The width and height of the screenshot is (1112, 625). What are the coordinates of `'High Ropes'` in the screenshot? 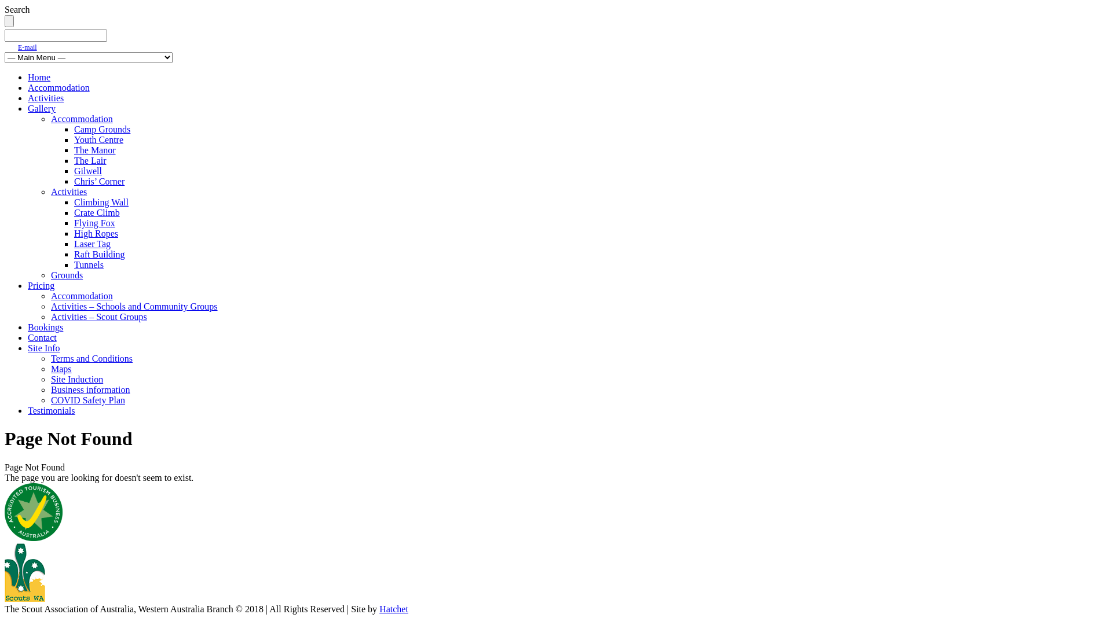 It's located at (74, 233).